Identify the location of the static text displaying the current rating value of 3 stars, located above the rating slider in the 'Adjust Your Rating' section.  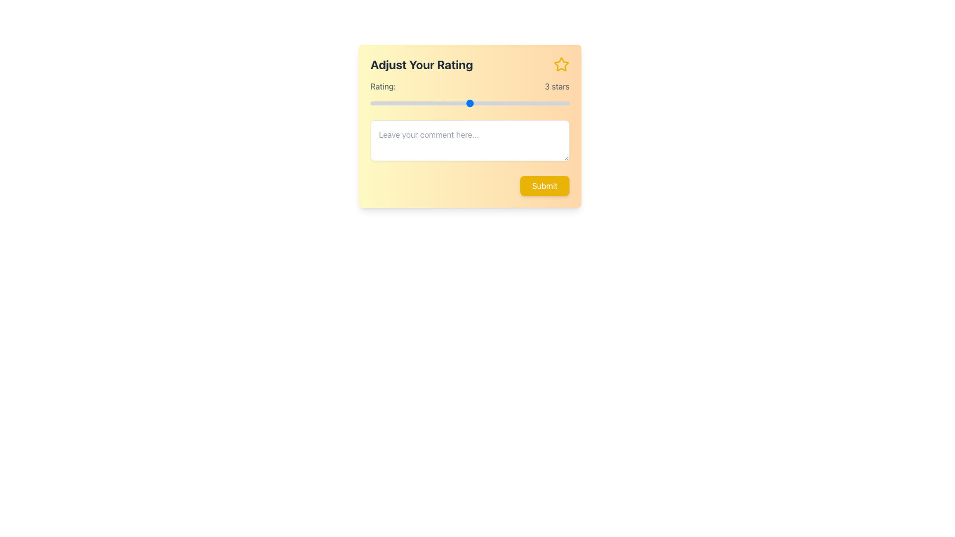
(470, 86).